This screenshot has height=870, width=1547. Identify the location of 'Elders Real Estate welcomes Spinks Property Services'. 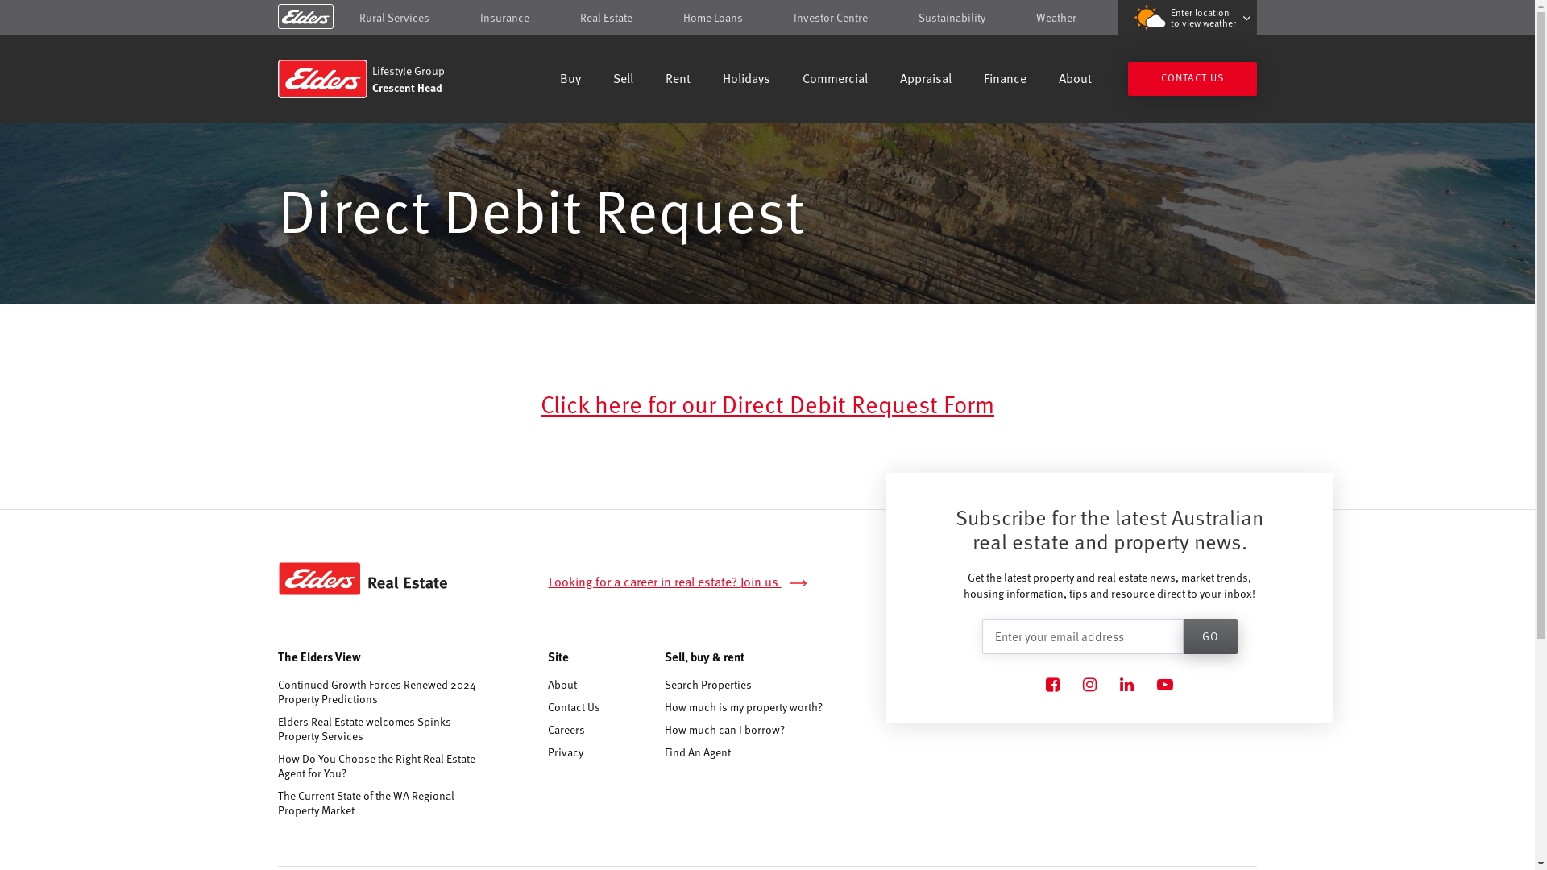
(278, 729).